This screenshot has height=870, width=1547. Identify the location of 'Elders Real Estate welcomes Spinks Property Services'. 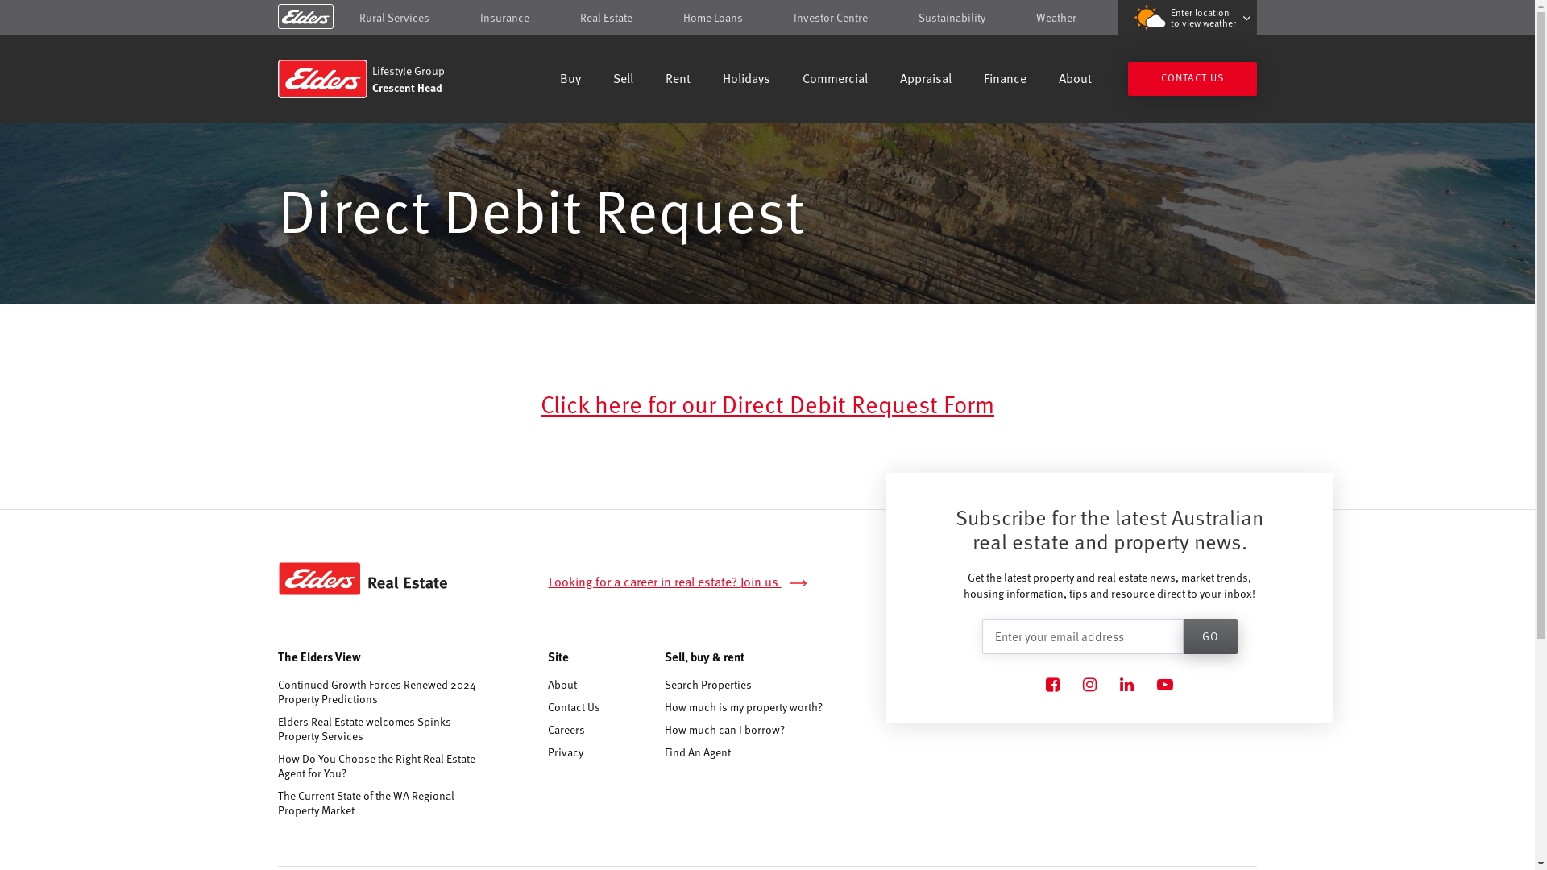
(278, 729).